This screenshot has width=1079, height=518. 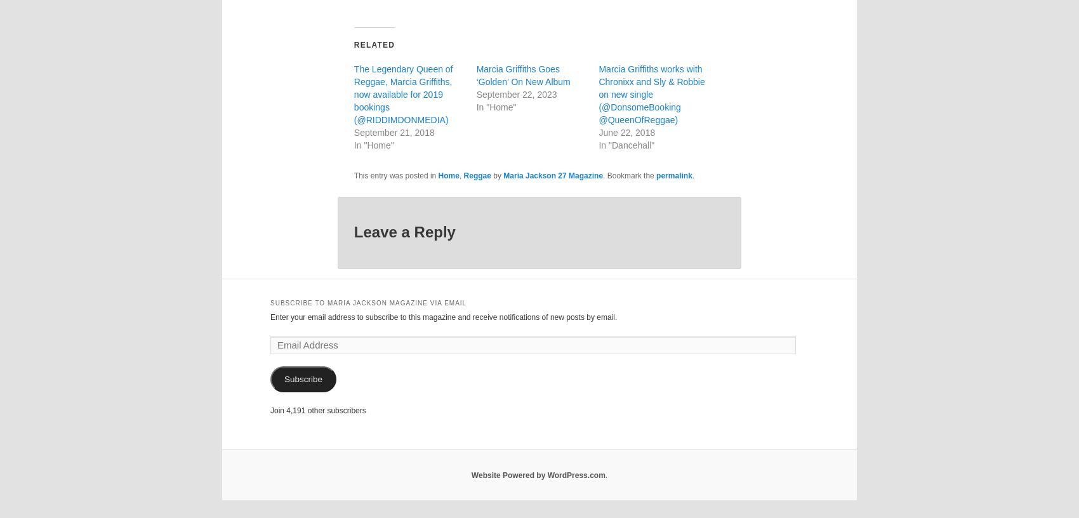 What do you see at coordinates (444, 315) in the screenshot?
I see `'Enter your email address to subscribe to this magazine and receive notifications of new posts by email.'` at bounding box center [444, 315].